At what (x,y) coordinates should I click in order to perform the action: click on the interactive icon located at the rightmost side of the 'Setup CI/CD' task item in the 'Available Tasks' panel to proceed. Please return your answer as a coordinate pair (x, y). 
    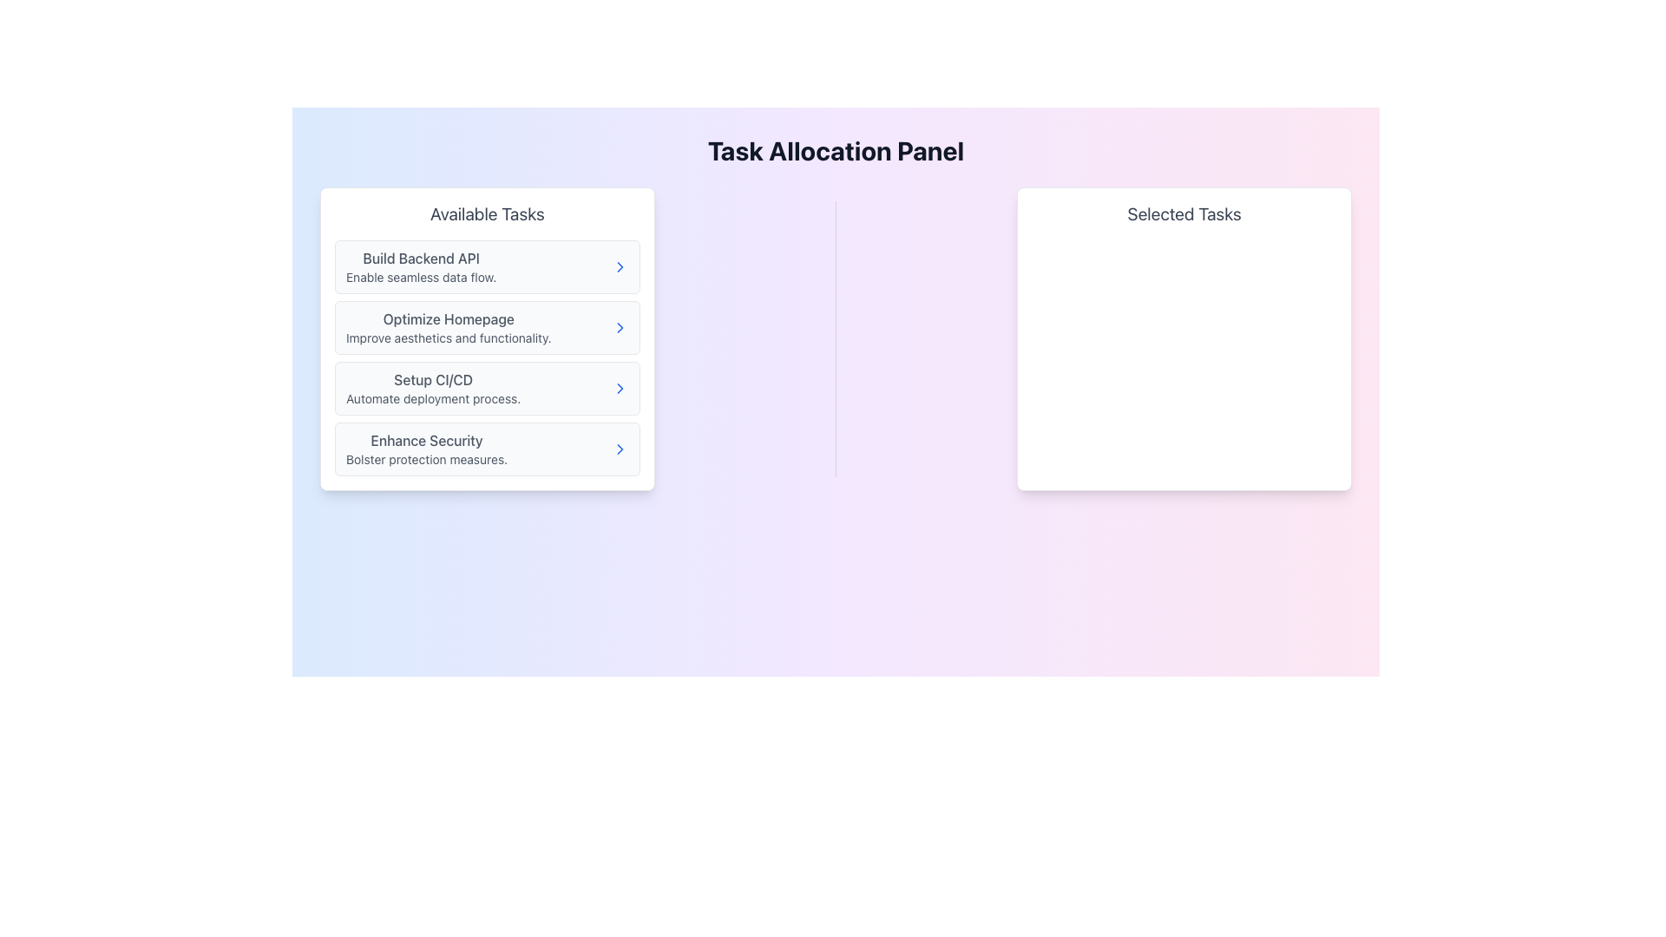
    Looking at the image, I should click on (620, 387).